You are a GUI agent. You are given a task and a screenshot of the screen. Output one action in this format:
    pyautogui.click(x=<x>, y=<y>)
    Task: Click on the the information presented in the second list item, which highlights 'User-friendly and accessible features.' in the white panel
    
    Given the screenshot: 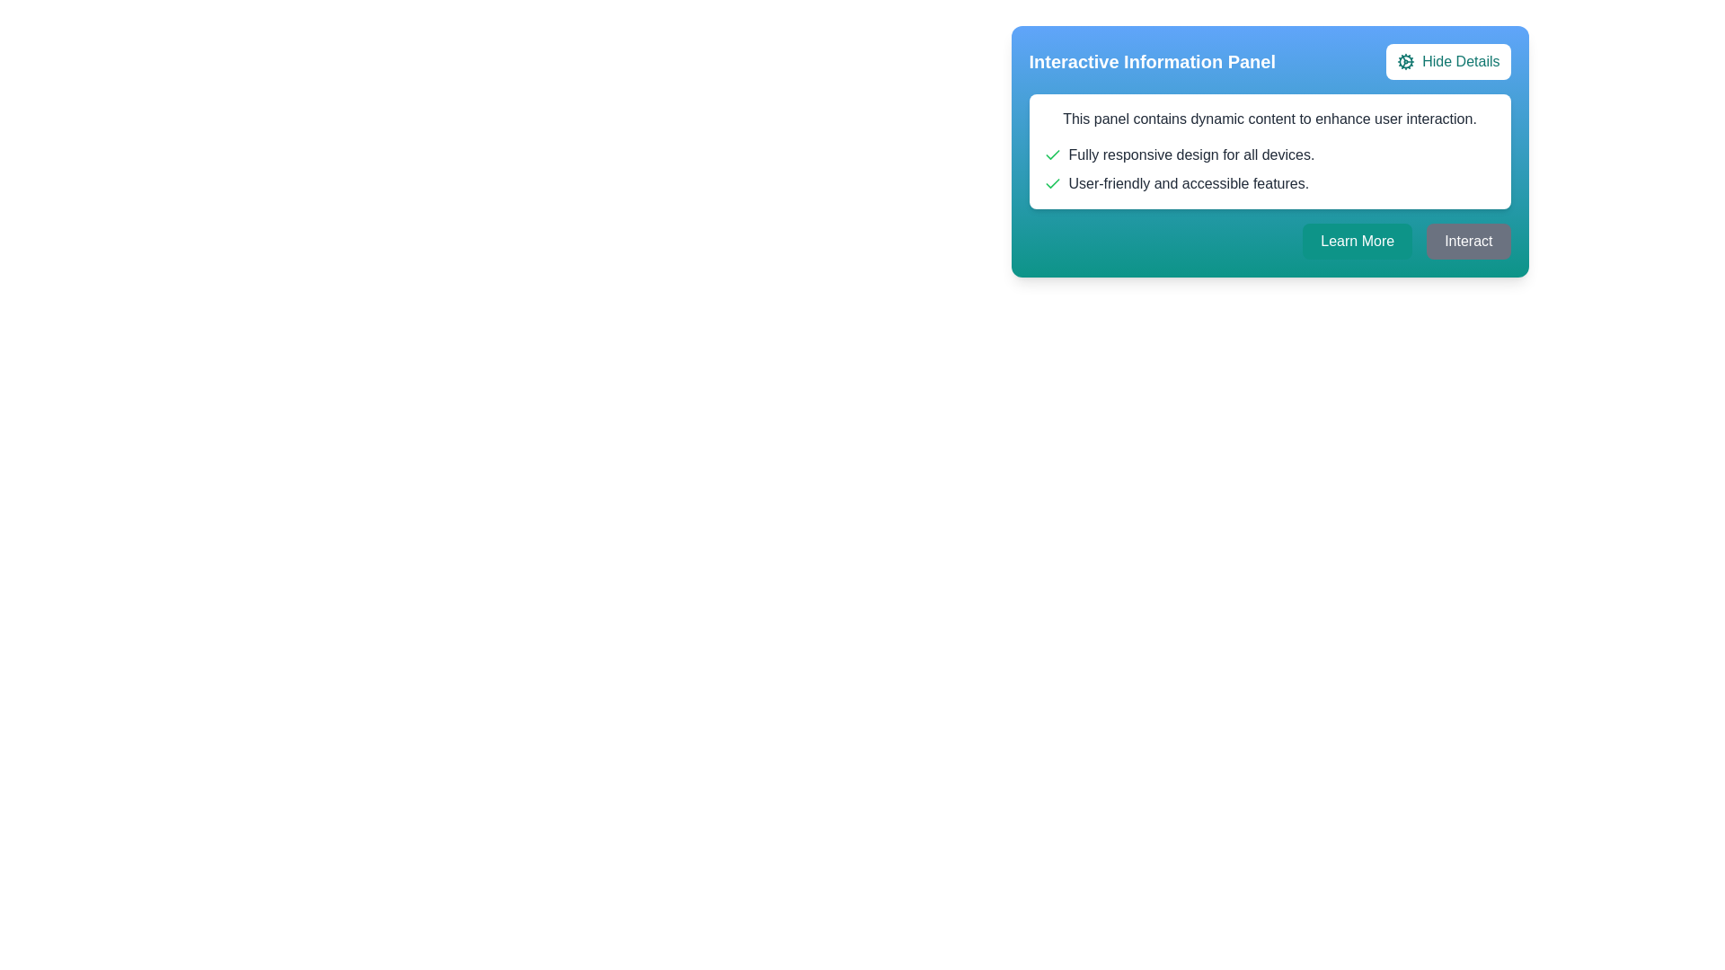 What is the action you would take?
    pyautogui.click(x=1269, y=183)
    